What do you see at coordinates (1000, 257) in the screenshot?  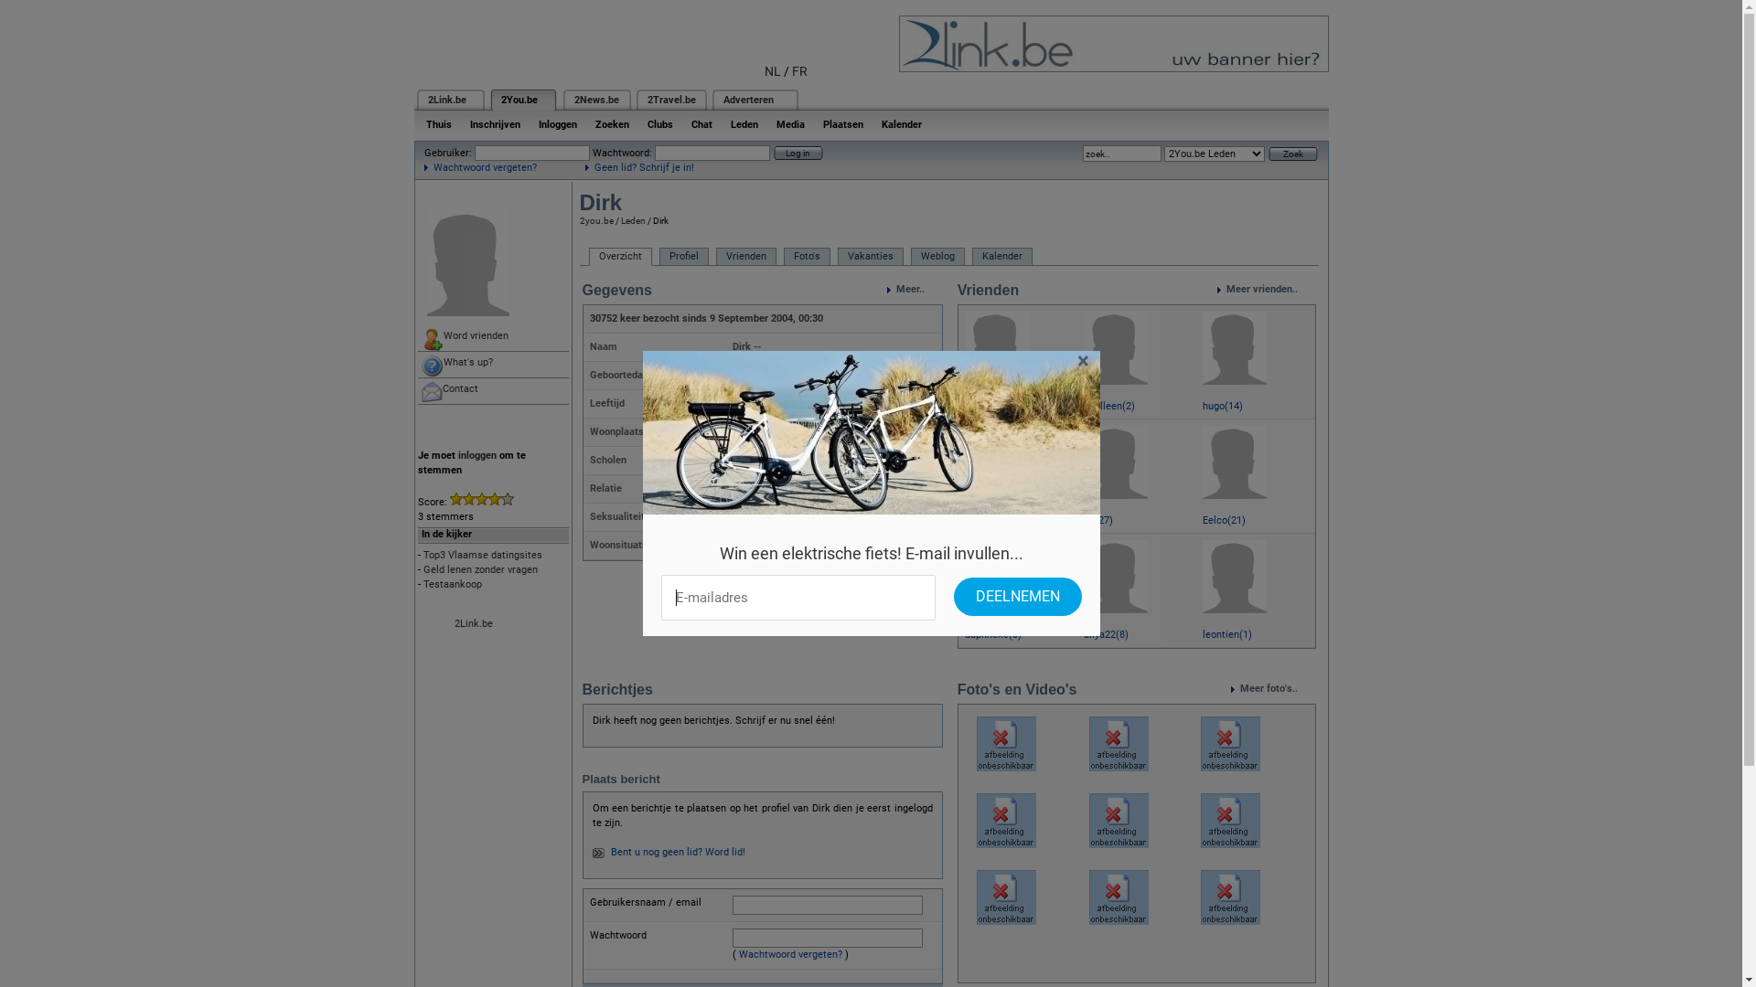 I see `'Kalender'` at bounding box center [1000, 257].